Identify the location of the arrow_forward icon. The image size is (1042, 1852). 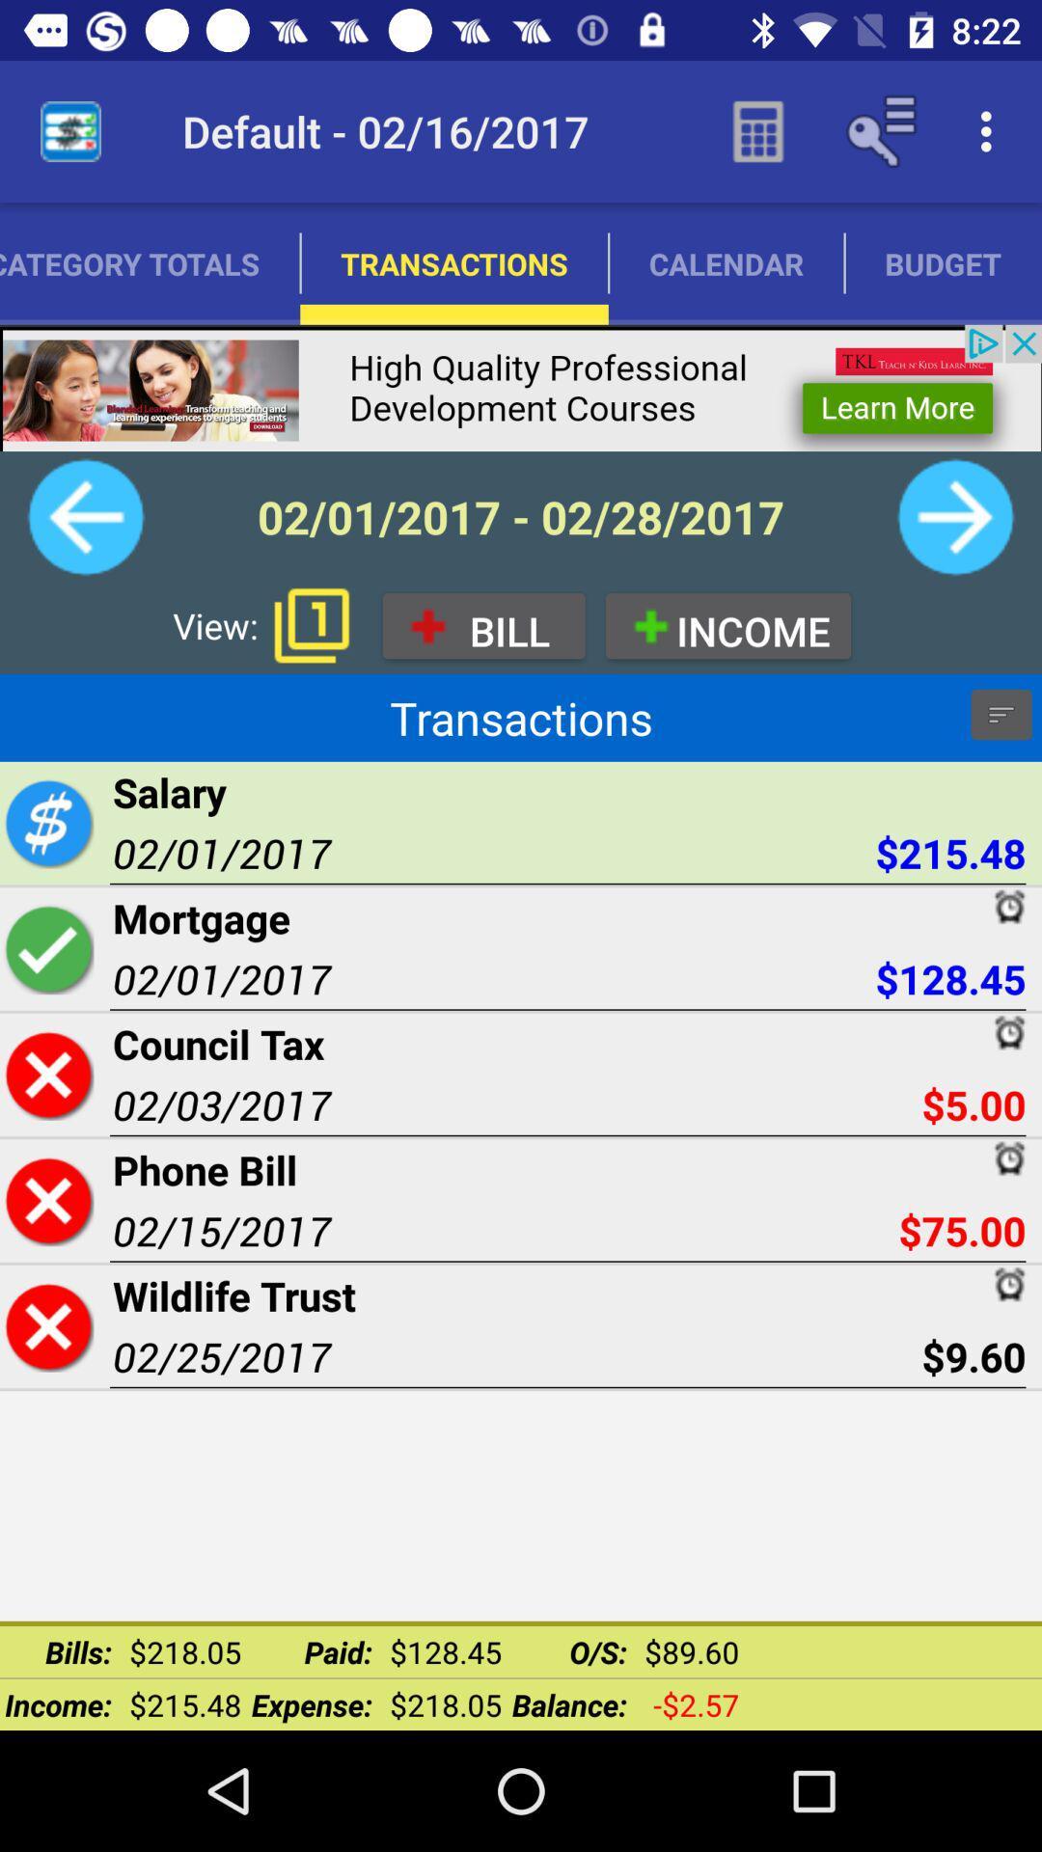
(955, 517).